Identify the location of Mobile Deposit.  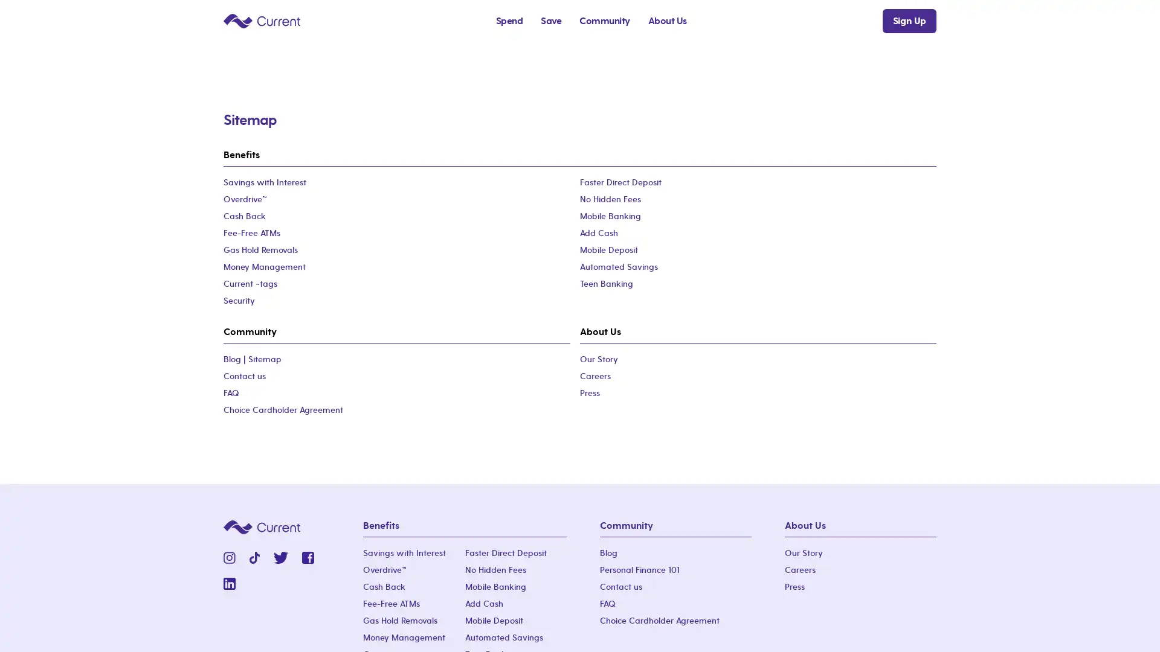
(493, 621).